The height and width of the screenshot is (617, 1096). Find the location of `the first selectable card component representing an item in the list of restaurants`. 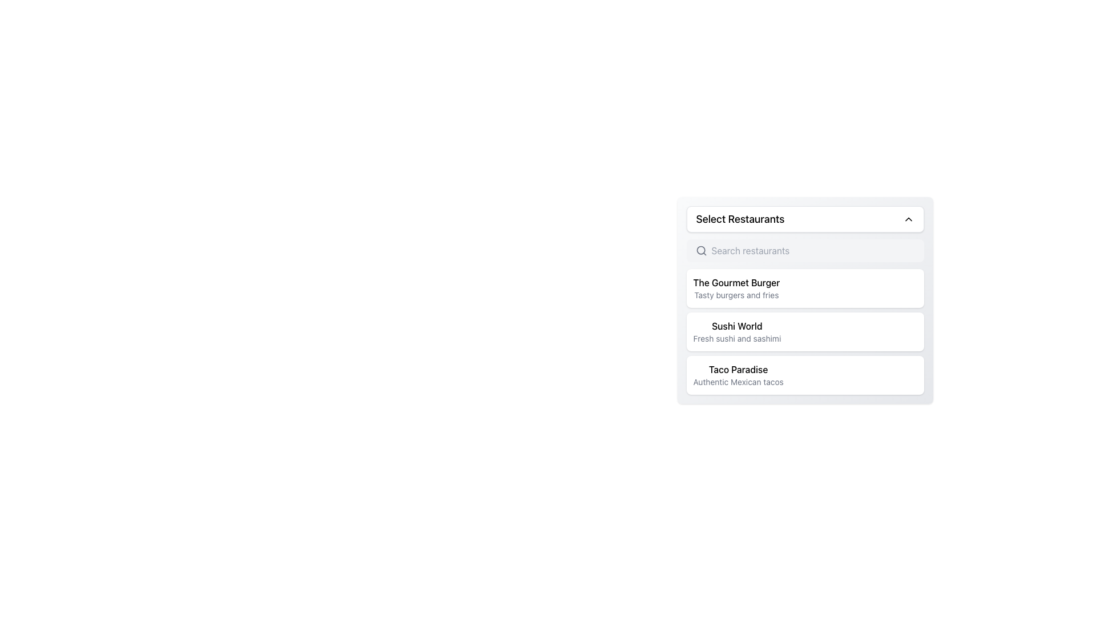

the first selectable card component representing an item in the list of restaurants is located at coordinates (804, 288).